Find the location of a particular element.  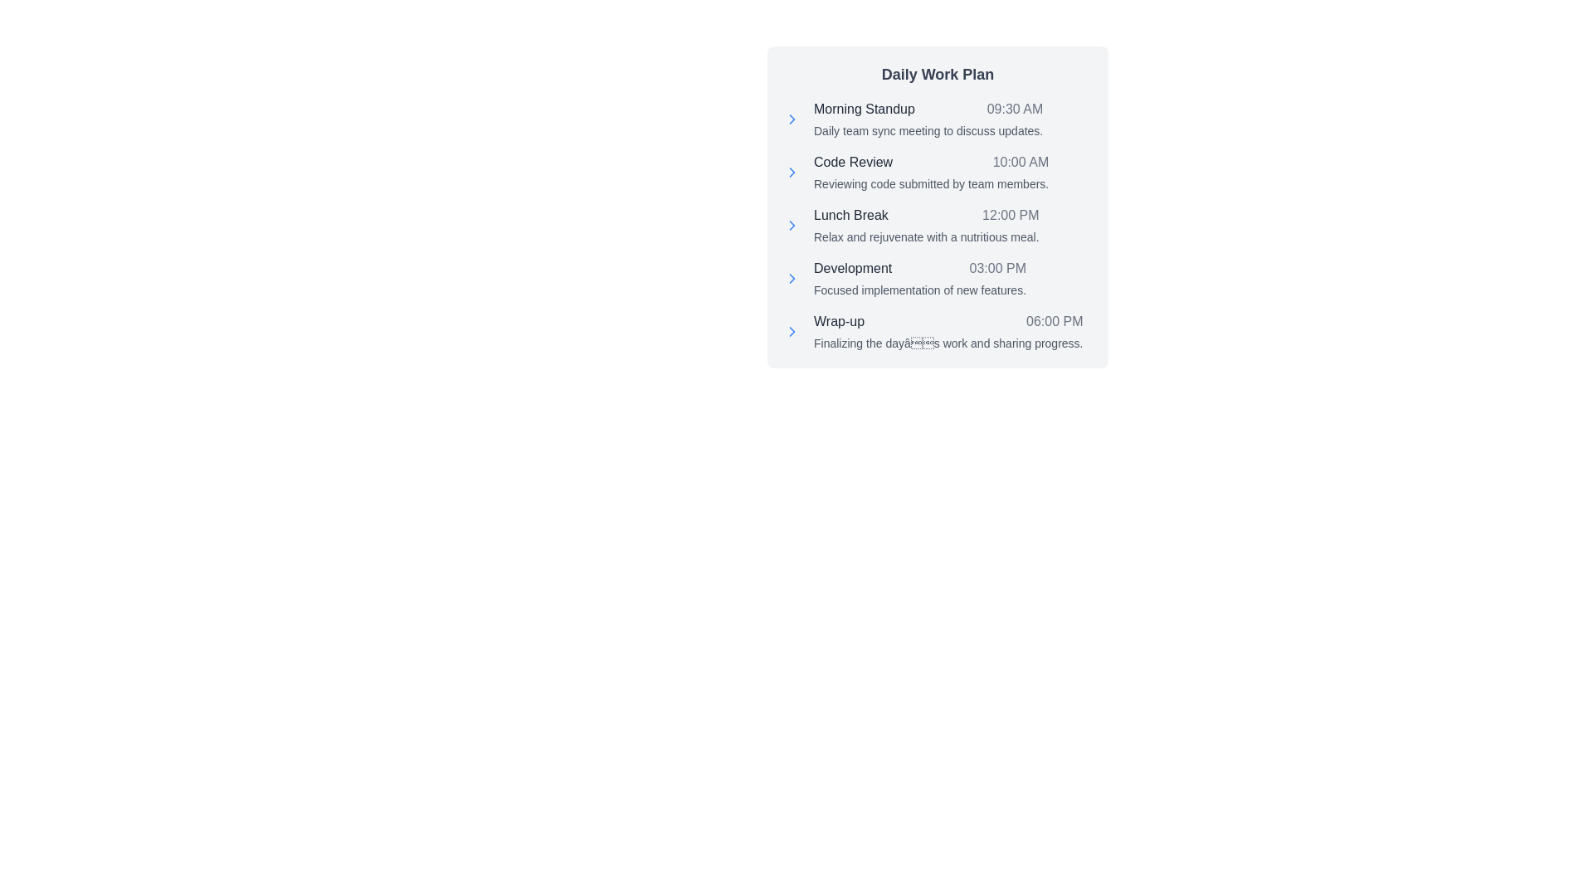

the time display for the 'Development' activity in the 'Daily Work Plan', which provides information about the scheduled time is located at coordinates (996, 268).